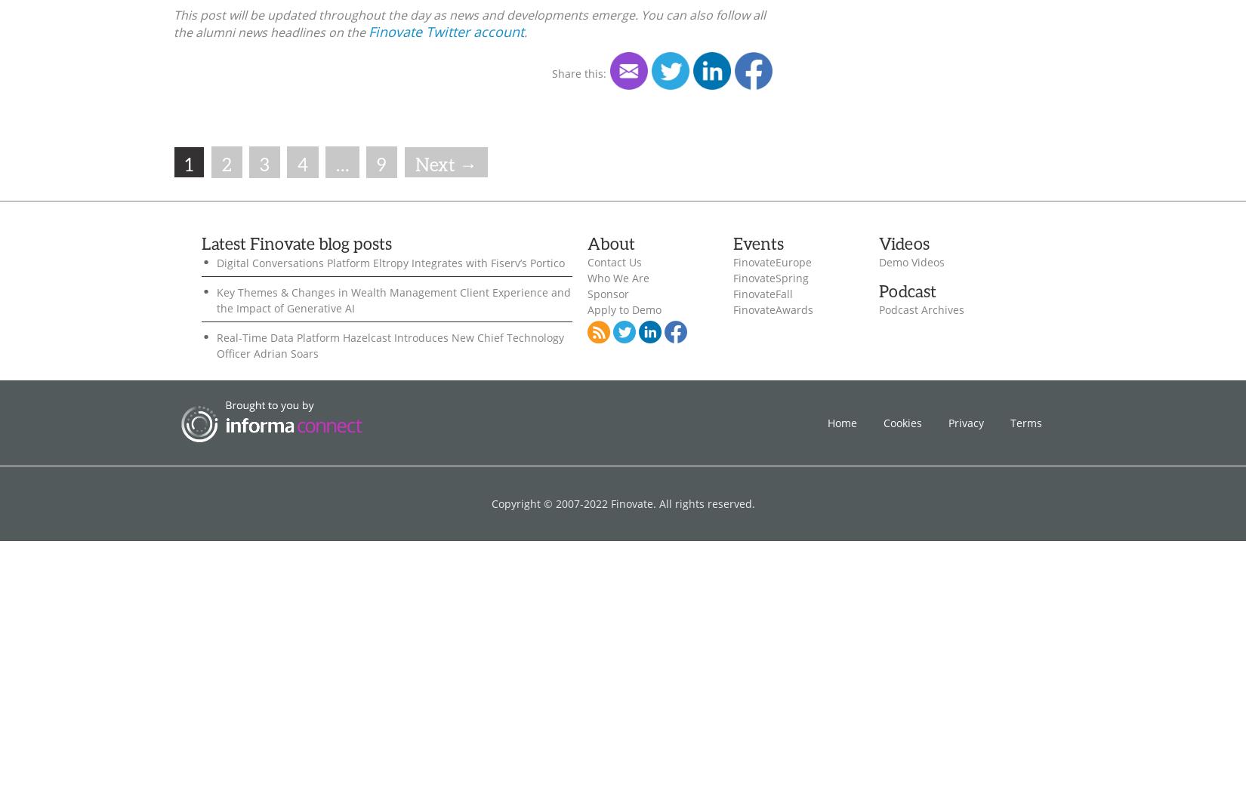 Image resolution: width=1246 pixels, height=809 pixels. Describe the element at coordinates (1025, 421) in the screenshot. I see `'Terms'` at that location.